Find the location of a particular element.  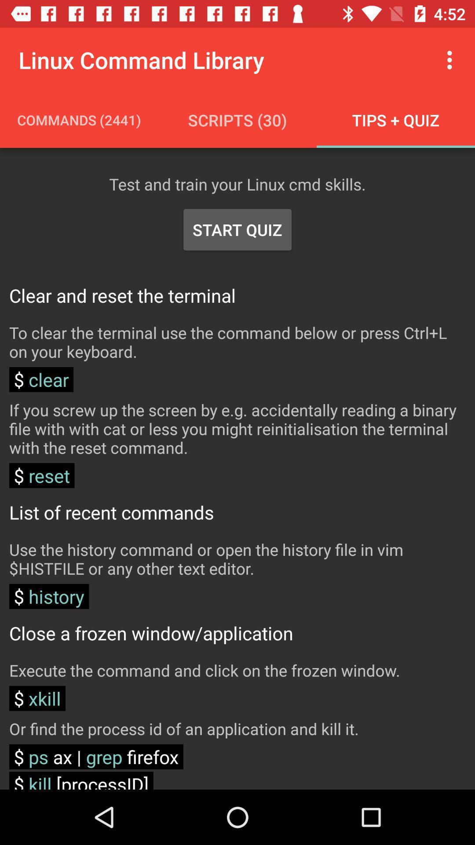

ps ax grep item is located at coordinates (96, 756).